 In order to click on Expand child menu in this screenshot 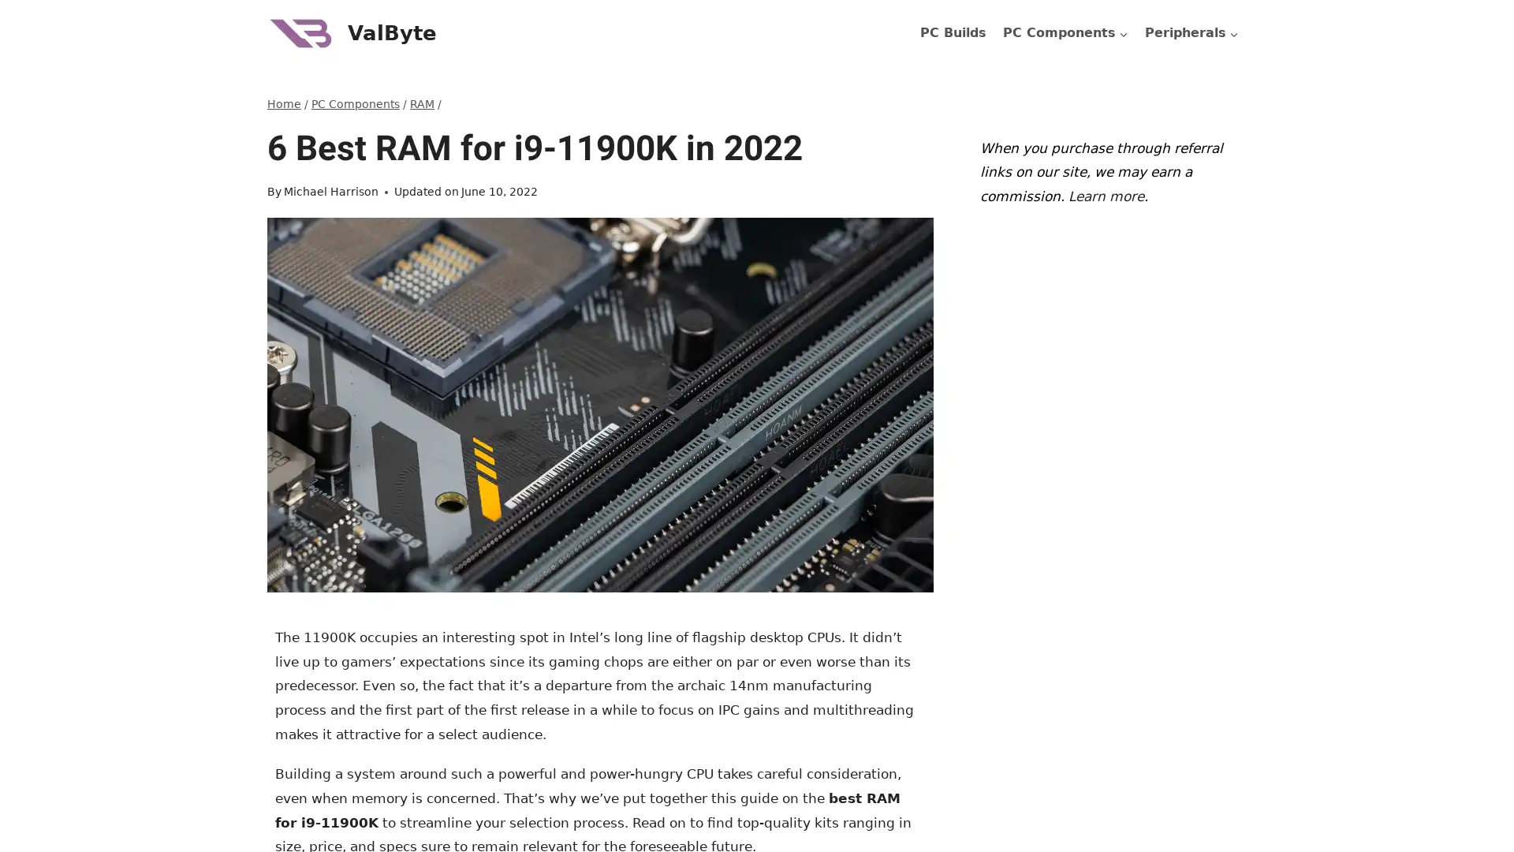, I will do `click(1065, 33)`.